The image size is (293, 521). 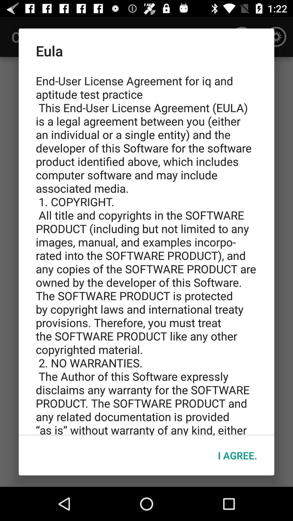 I want to click on item at the bottom right corner, so click(x=237, y=455).